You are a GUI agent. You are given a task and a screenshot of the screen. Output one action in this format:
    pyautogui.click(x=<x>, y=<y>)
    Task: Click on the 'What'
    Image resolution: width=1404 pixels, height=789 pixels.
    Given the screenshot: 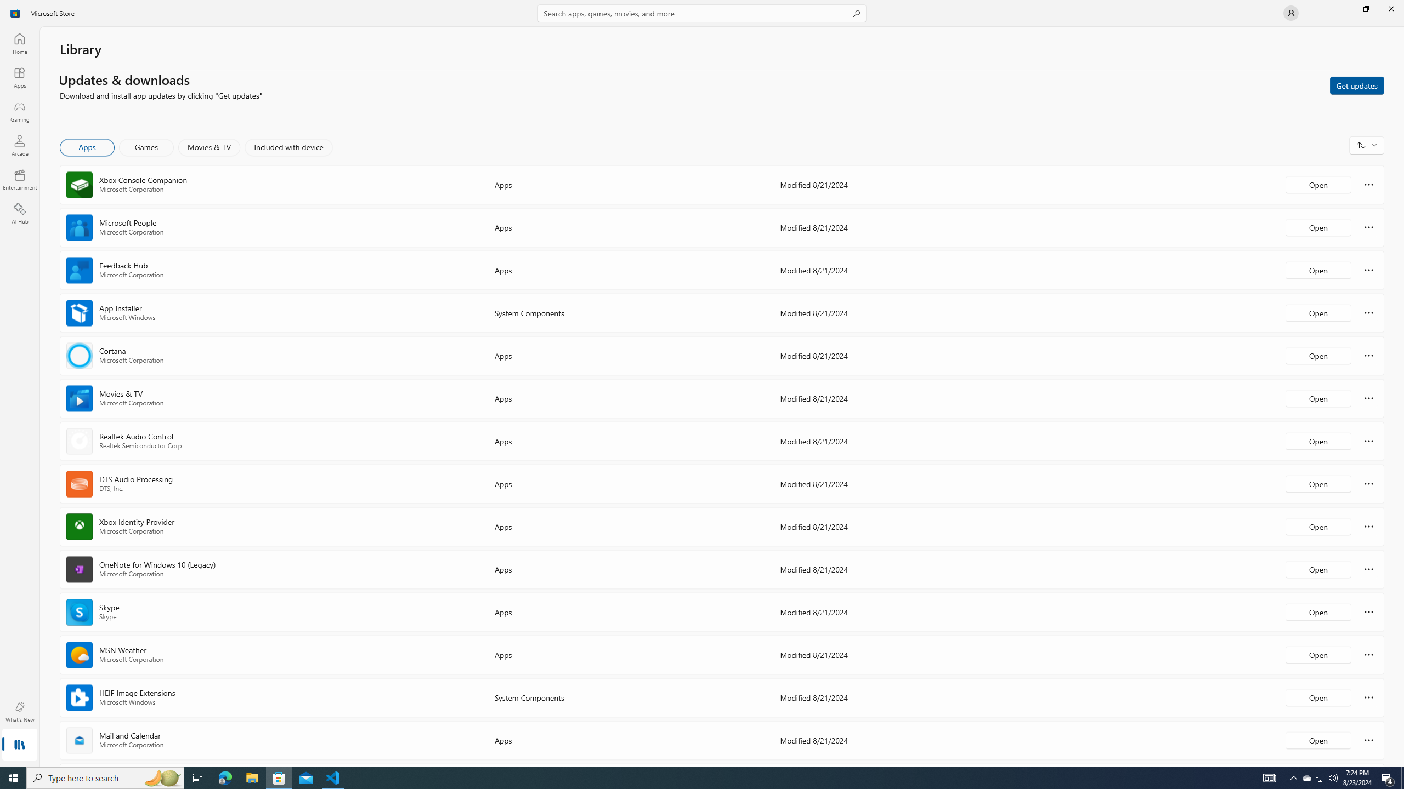 What is the action you would take?
    pyautogui.click(x=19, y=711)
    